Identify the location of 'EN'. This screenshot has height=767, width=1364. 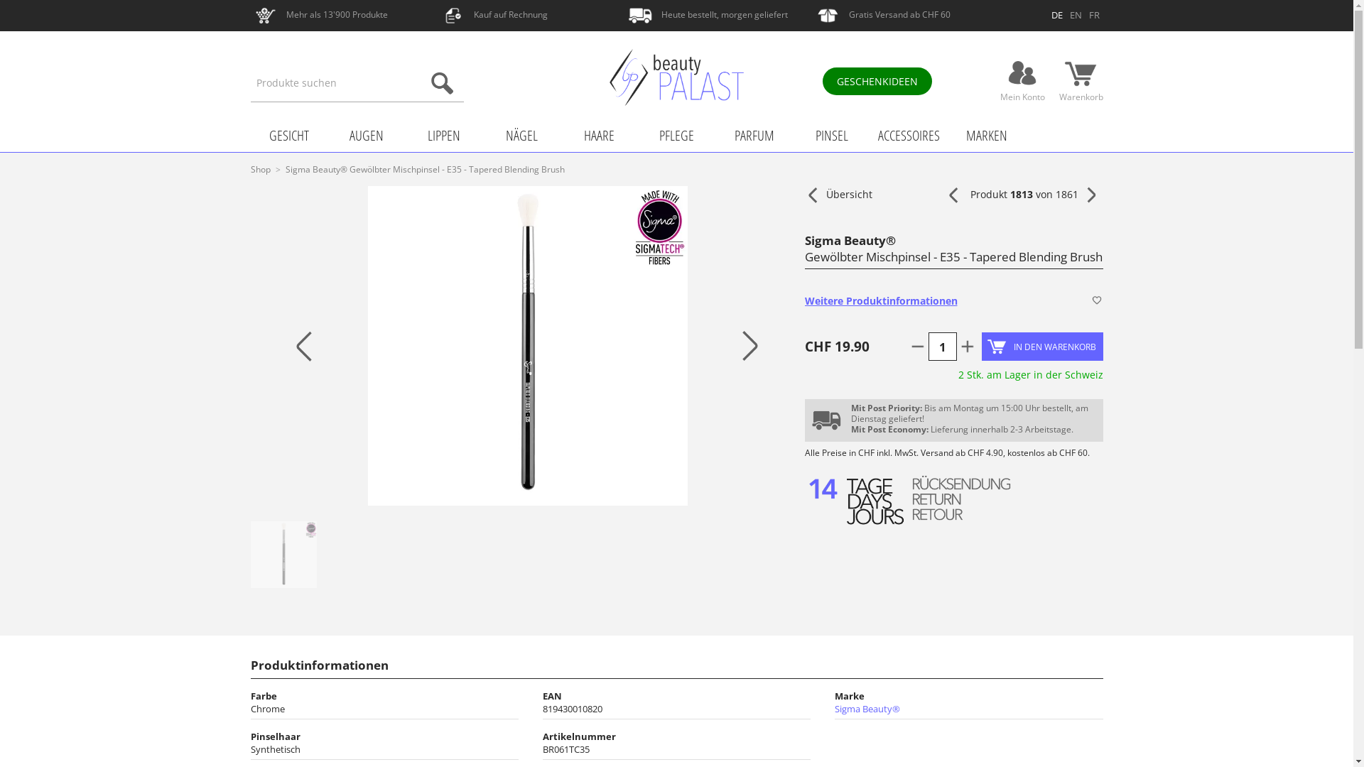
(1075, 14).